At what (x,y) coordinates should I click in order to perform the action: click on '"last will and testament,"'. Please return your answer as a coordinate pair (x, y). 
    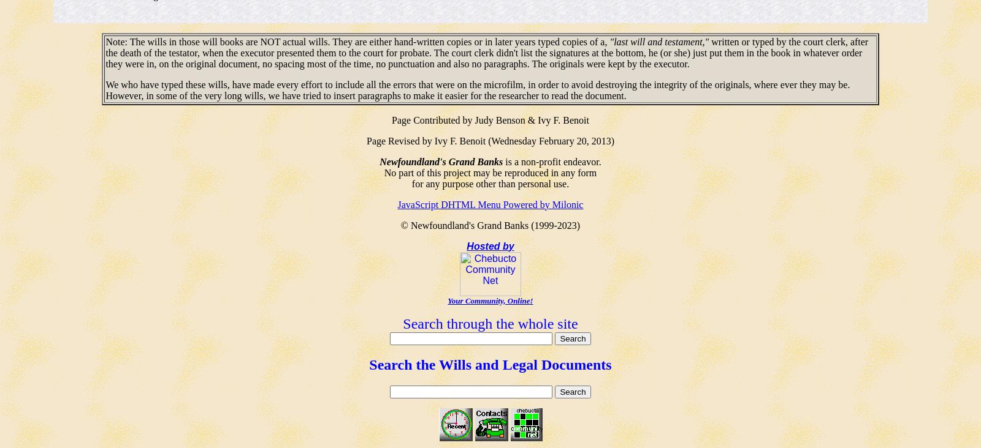
    Looking at the image, I should click on (608, 40).